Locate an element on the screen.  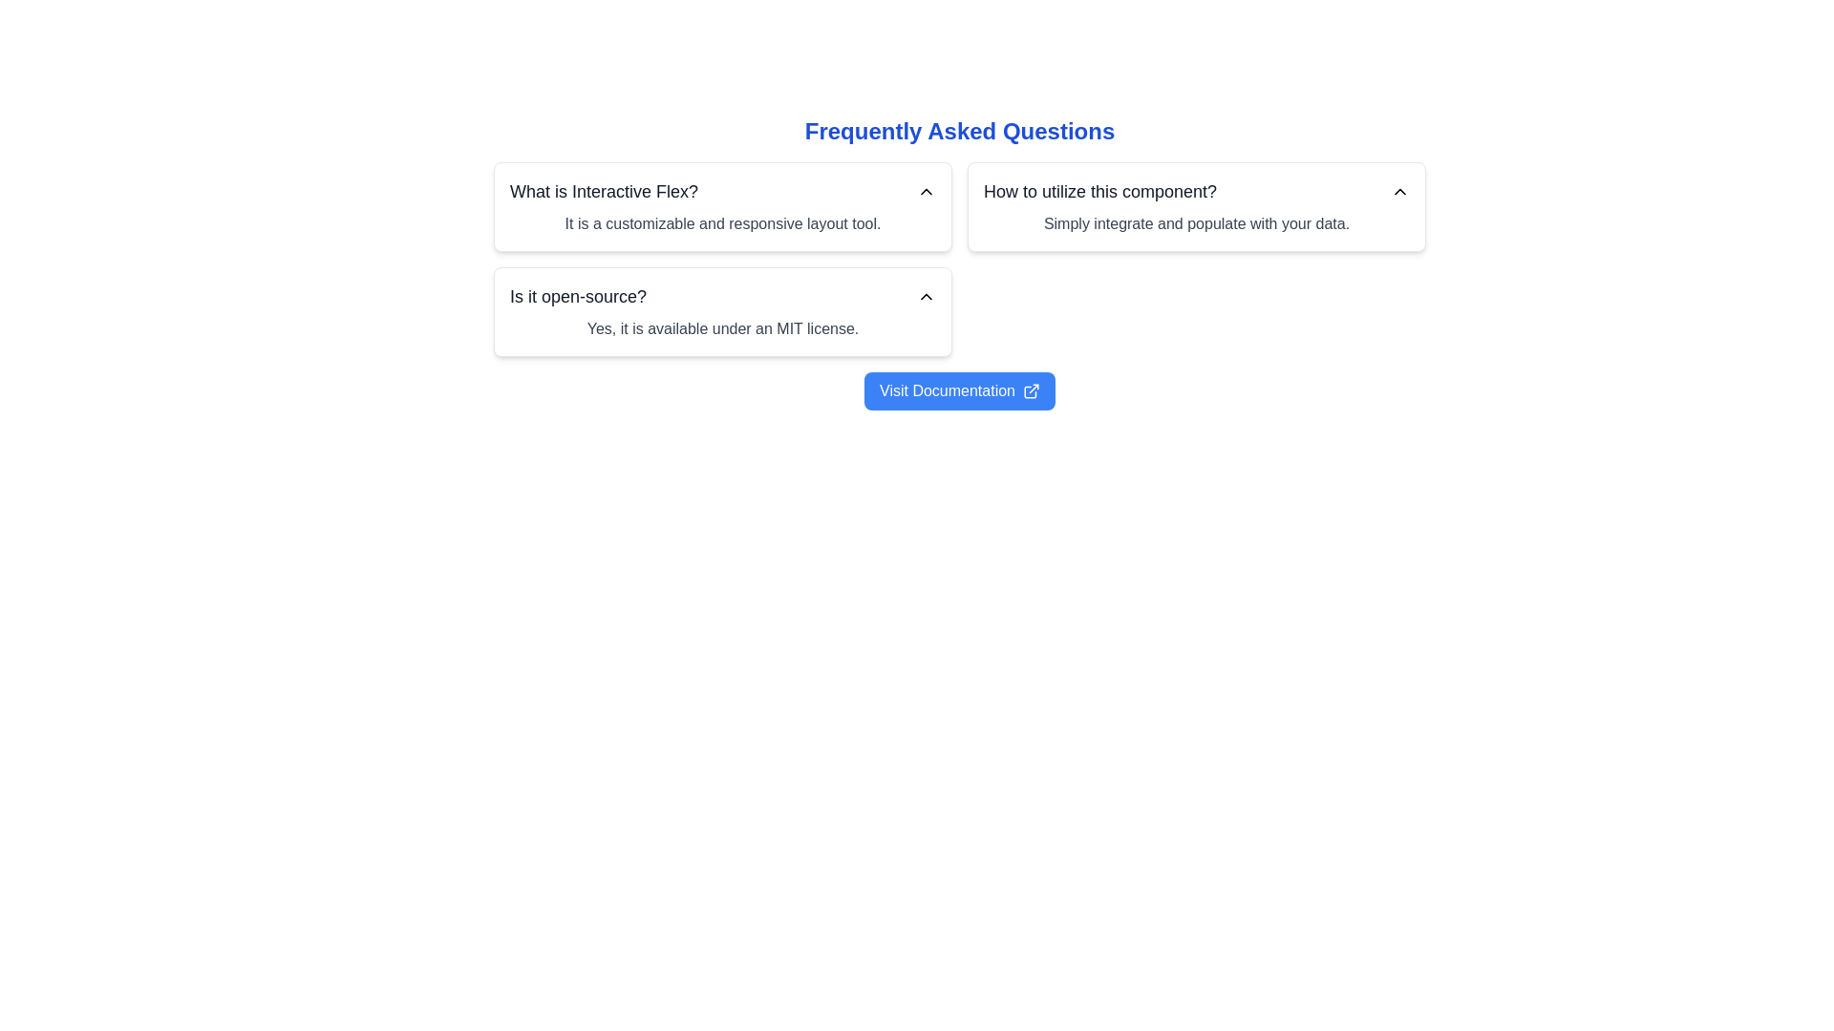
the Information card positioned in the upper-right section of the FAQ grid, which is the second card in the grid, to access its content is located at coordinates (1195, 206).